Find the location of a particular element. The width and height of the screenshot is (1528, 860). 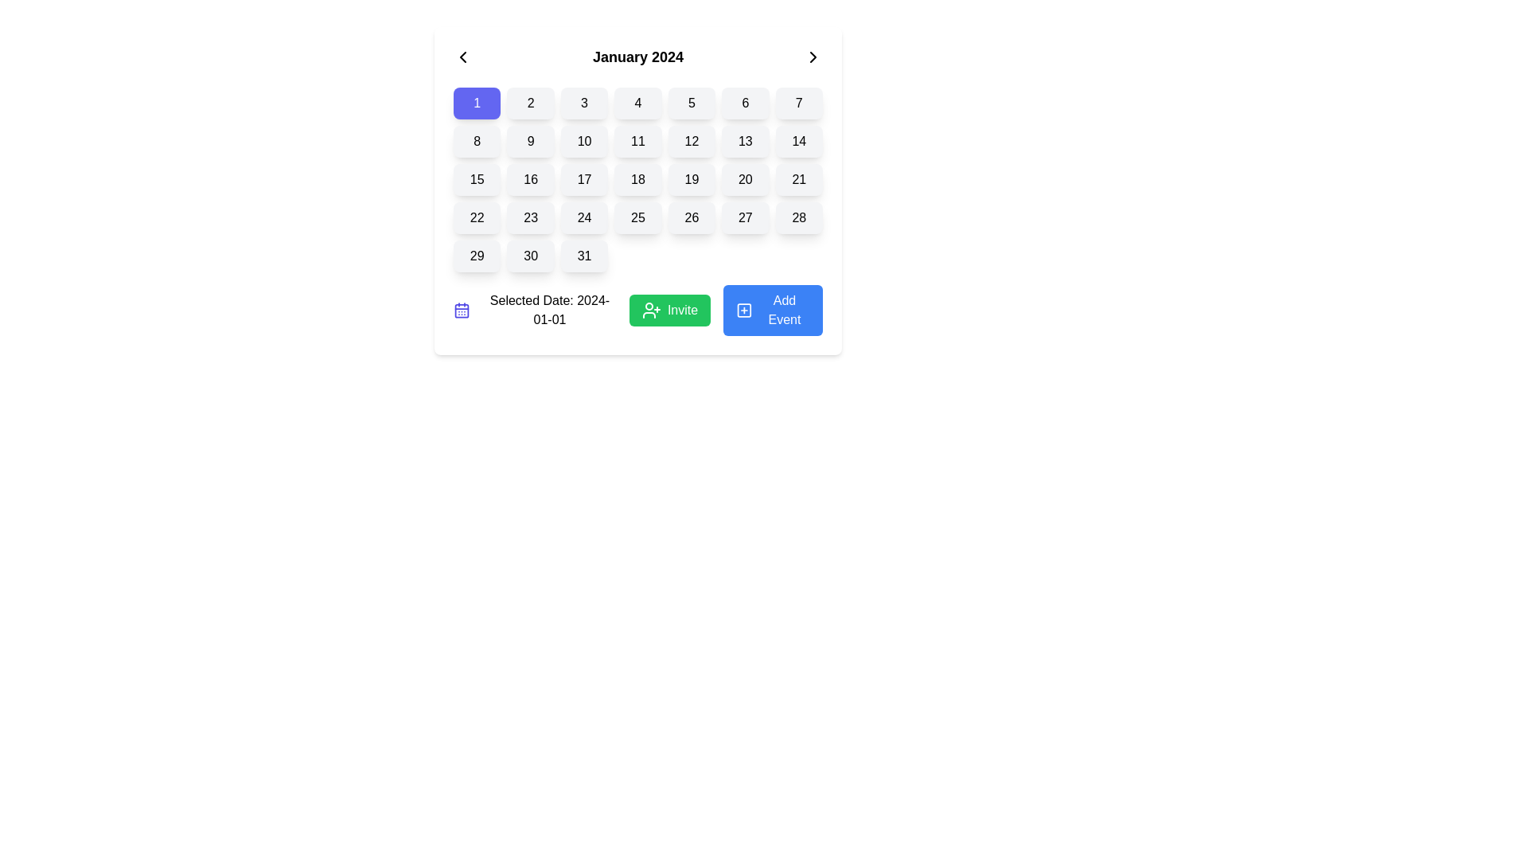

the text label displaying 'Selected Date: 2024-01-01', which is located near the bottom of the calendar interface, between the calendar icon and the 'Invite' button is located at coordinates (550, 310).